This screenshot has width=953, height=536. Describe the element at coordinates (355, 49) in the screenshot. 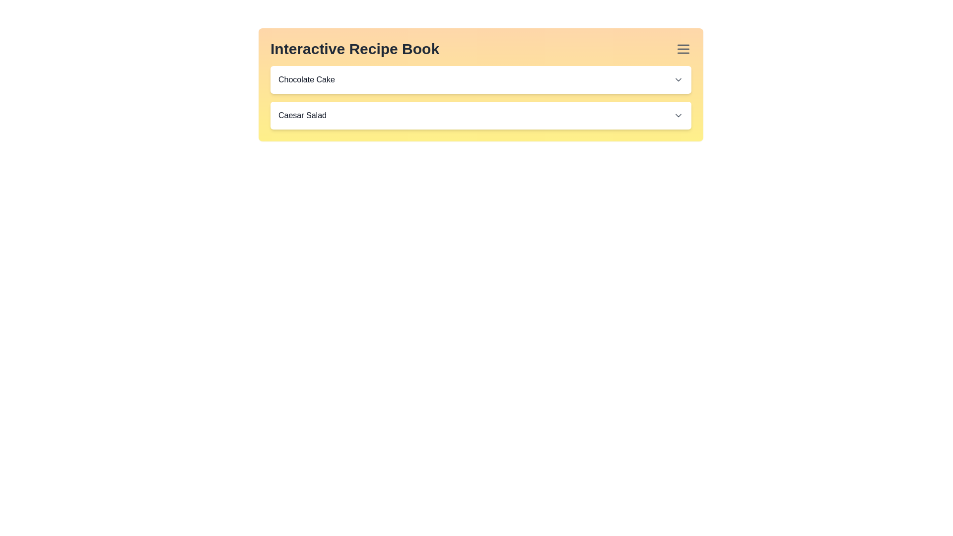

I see `the prominent heading text element 'Interactive Recipe Book' displayed in a large, bold font against a light orange gradient background` at that location.